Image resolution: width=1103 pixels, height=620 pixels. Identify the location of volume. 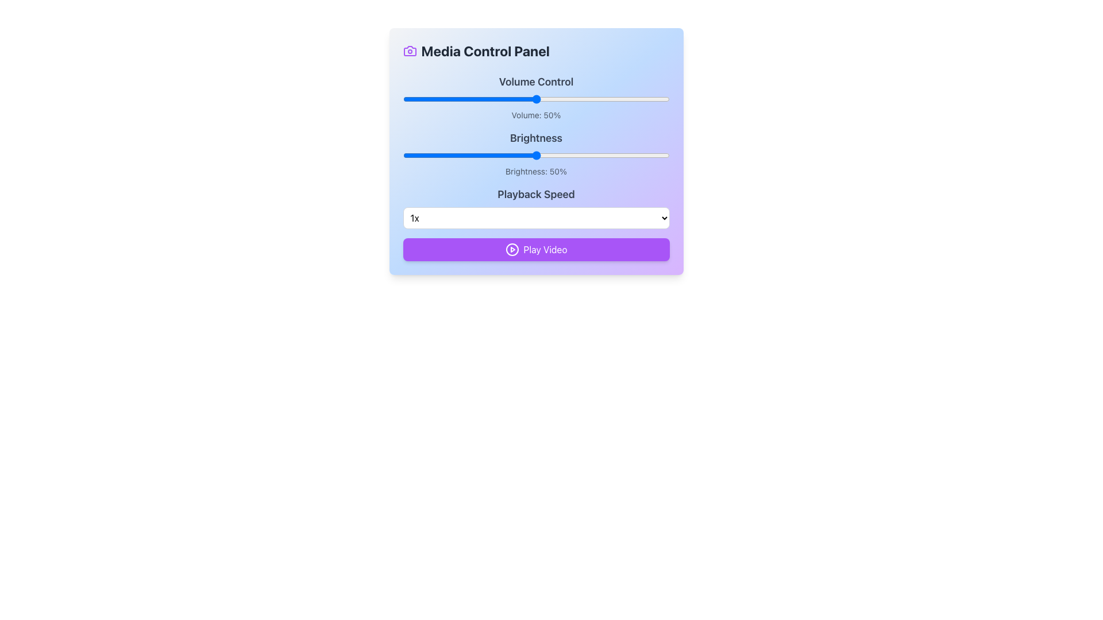
(426, 99).